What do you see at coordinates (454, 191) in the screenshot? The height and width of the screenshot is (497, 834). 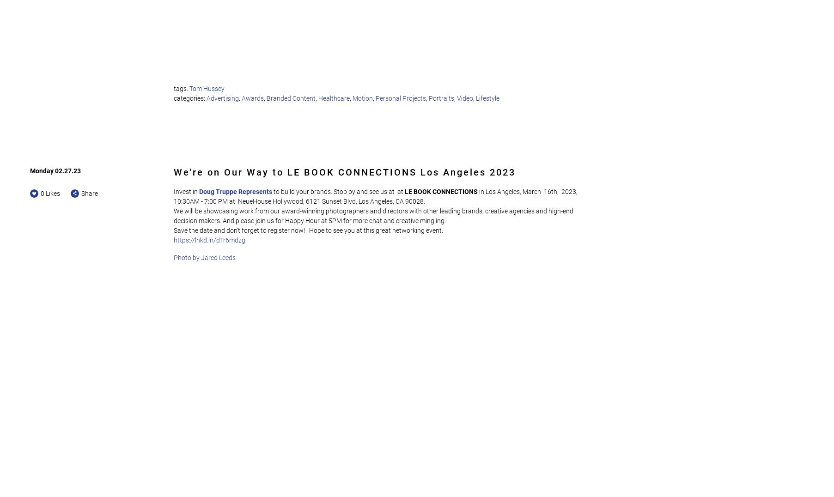 I see `'CONNECTIONS'` at bounding box center [454, 191].